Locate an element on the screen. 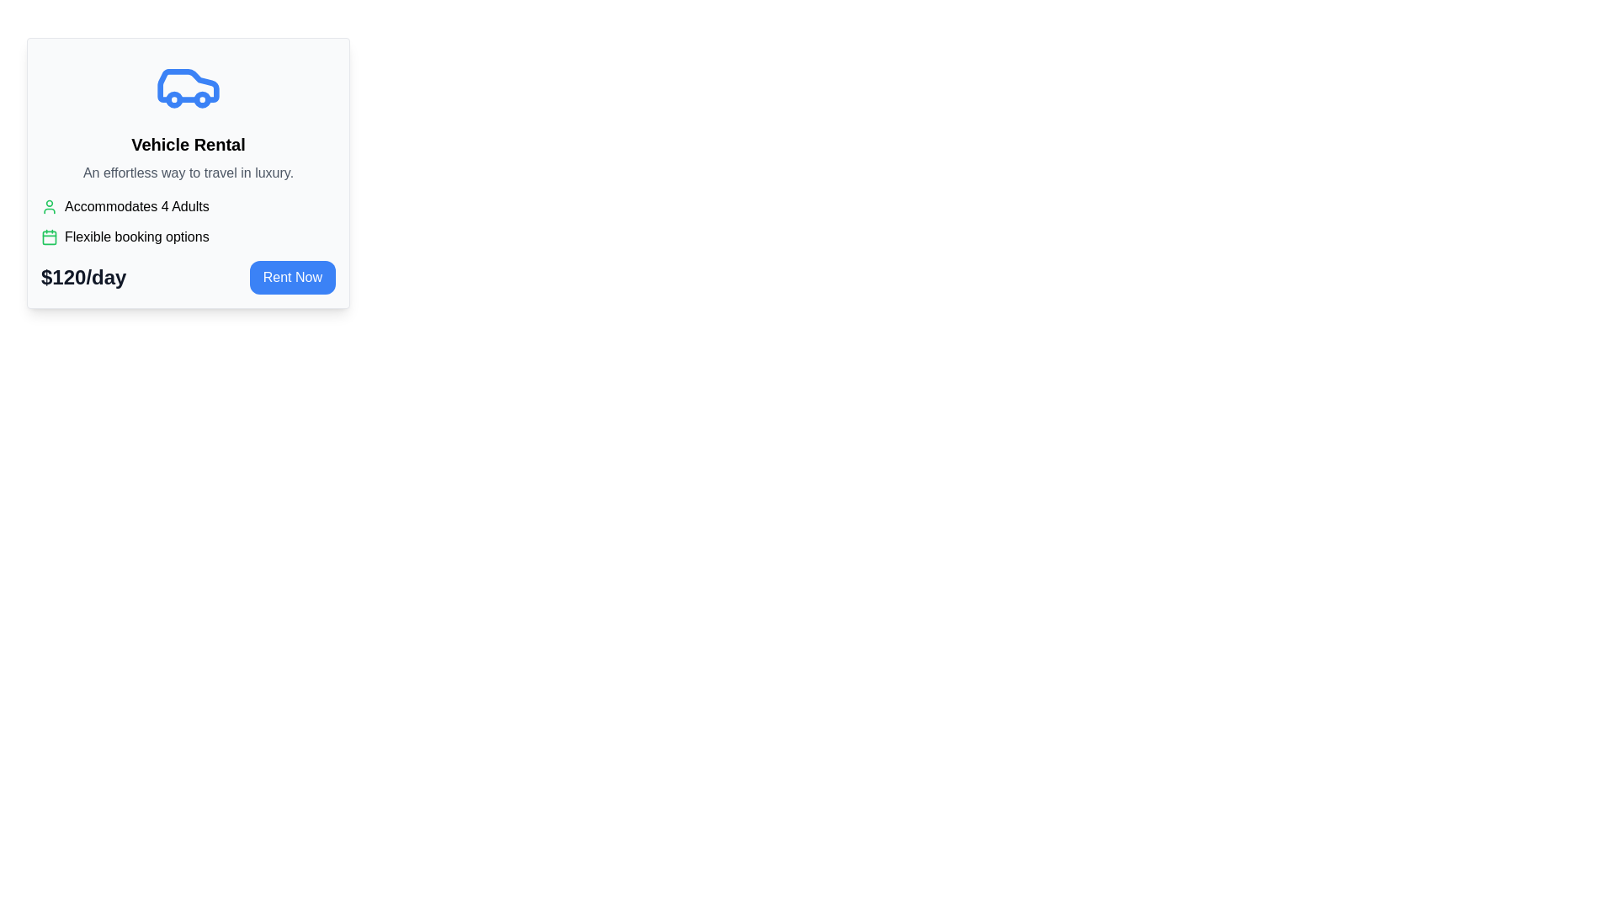  the centered gray text block that reads 'An effortless way to travel in luxury.' located below the 'Vehicle Rental' heading is located at coordinates (189, 173).